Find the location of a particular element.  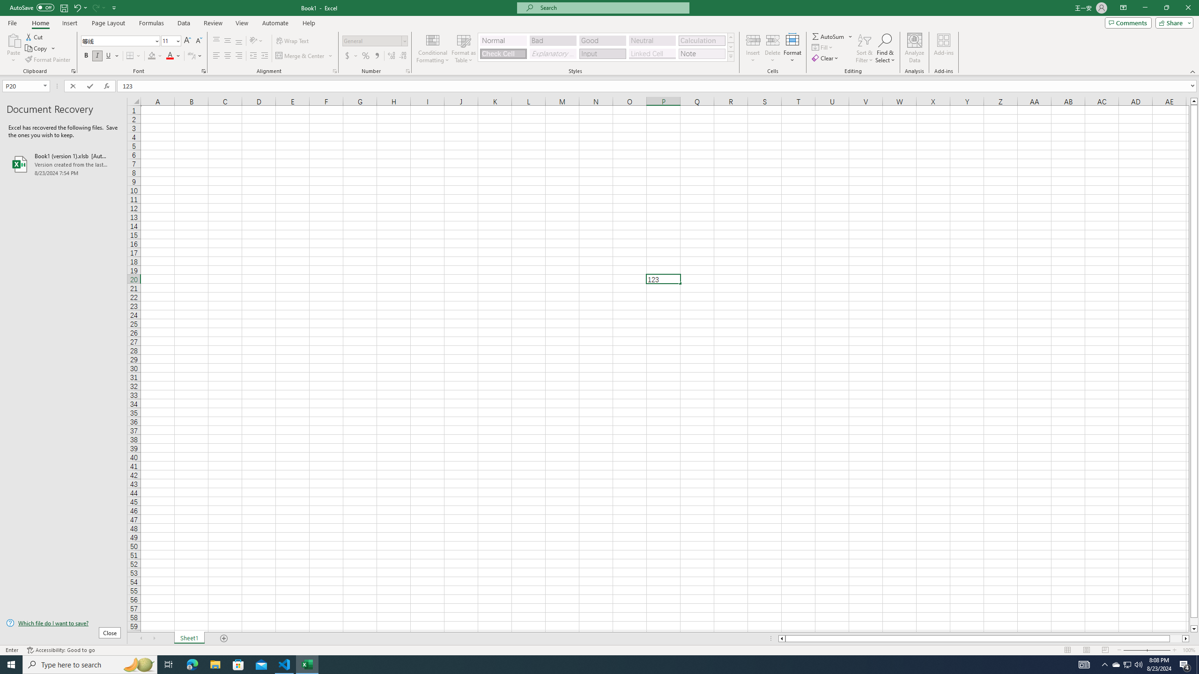

'Decrease Font Size' is located at coordinates (198, 41).